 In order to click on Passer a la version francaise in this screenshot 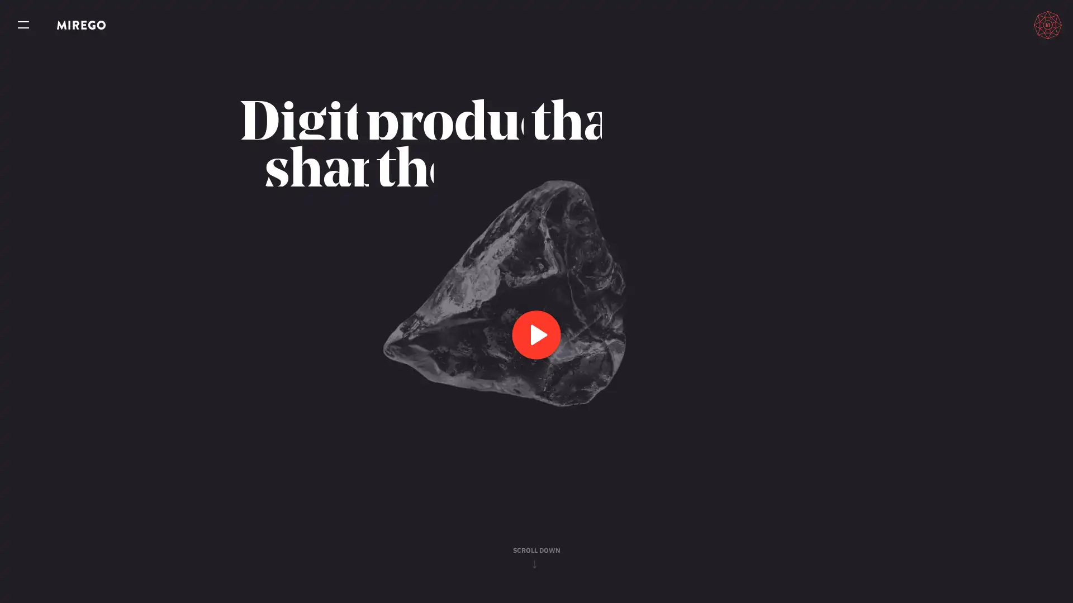, I will do `click(995, 25)`.